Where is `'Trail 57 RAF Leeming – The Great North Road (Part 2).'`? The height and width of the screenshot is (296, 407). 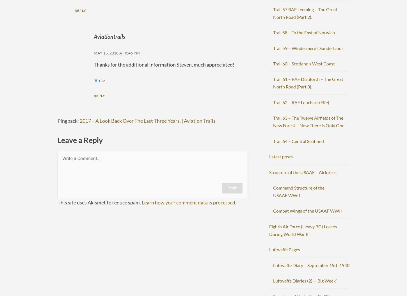
'Trail 57 RAF Leeming – The Great North Road (Part 2).' is located at coordinates (305, 13).